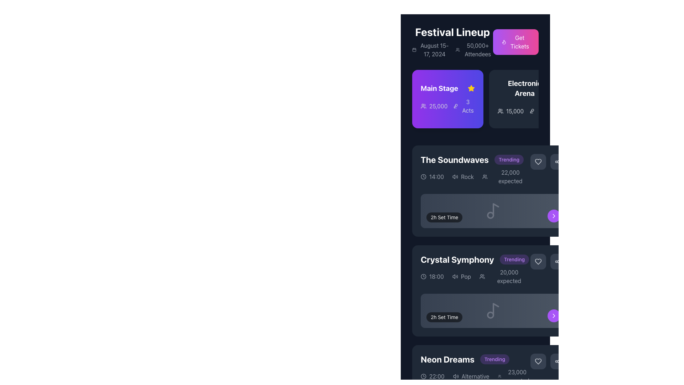  What do you see at coordinates (538, 162) in the screenshot?
I see `the favorite icon button located at the top-right corner of the event details for 'The Soundwaves'` at bounding box center [538, 162].